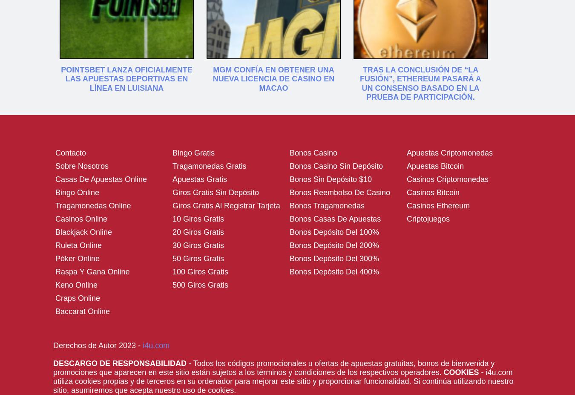 The width and height of the screenshot is (575, 395). Describe the element at coordinates (339, 191) in the screenshot. I see `'Bonos Reembolso De Casino'` at that location.